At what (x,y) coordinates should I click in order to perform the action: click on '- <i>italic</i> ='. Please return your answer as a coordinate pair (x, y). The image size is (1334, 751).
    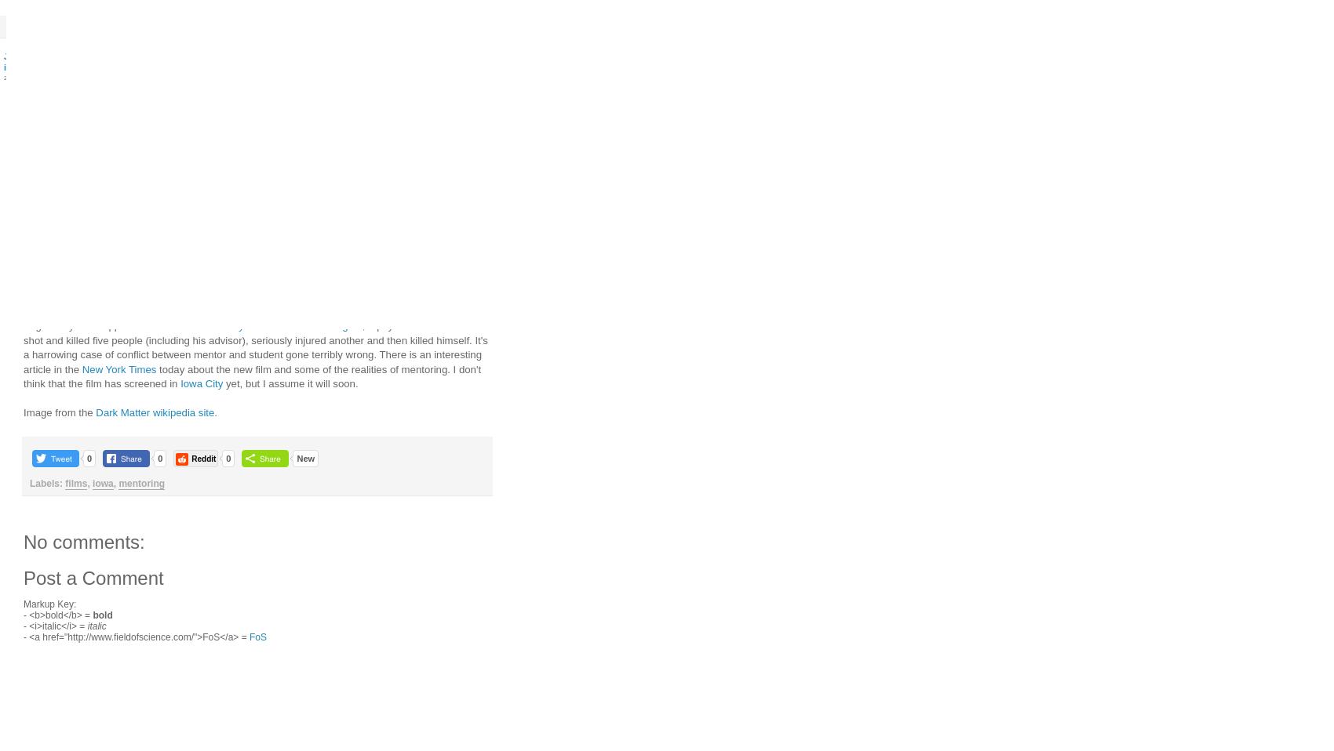
    Looking at the image, I should click on (55, 626).